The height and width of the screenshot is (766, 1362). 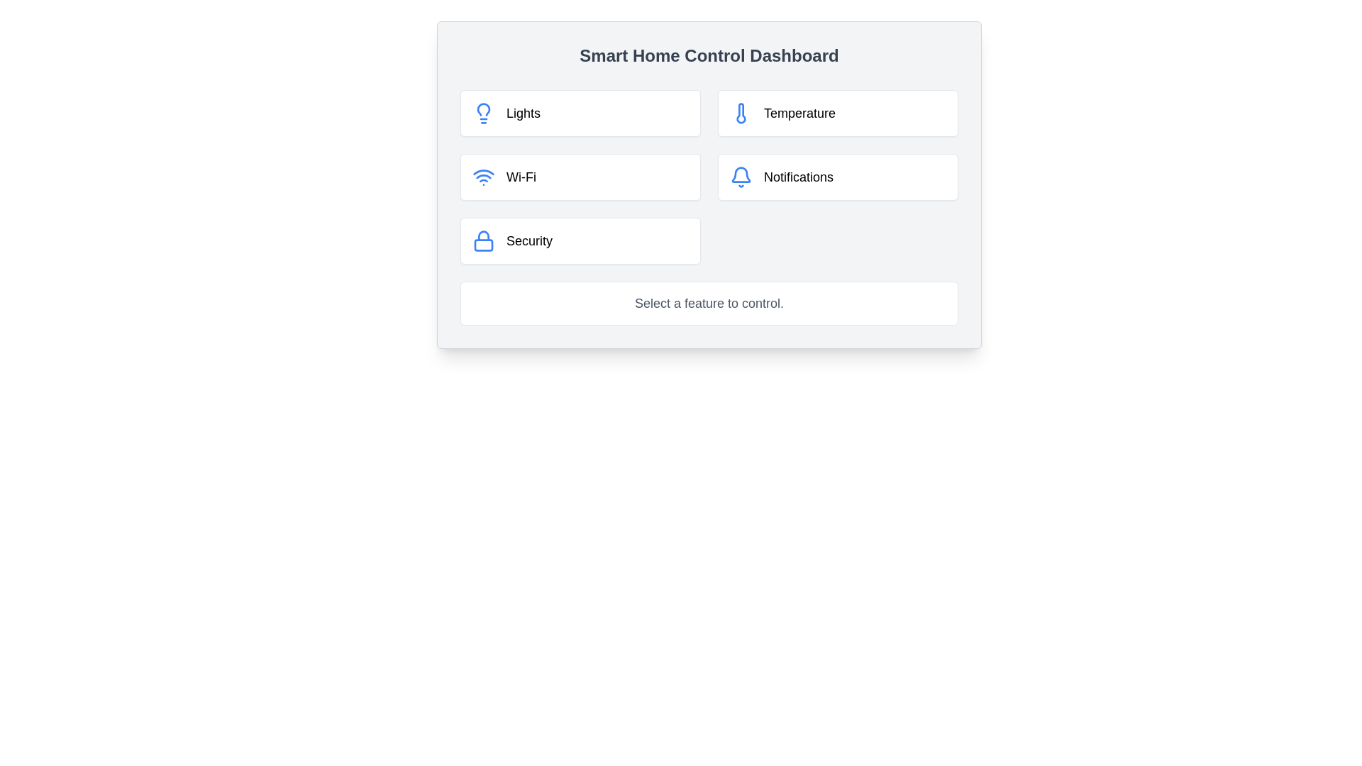 I want to click on the bell icon representing the notification feature located in the top-right section of the interface, to the left of the 'Notifications' label, so click(x=741, y=177).